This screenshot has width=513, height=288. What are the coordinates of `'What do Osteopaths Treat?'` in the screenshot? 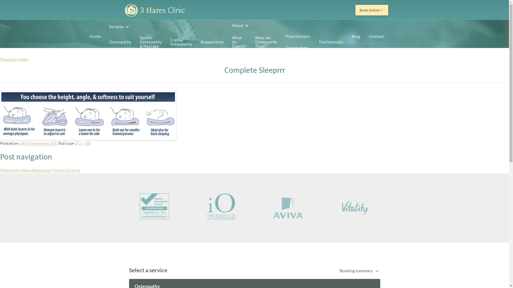 It's located at (250, 42).